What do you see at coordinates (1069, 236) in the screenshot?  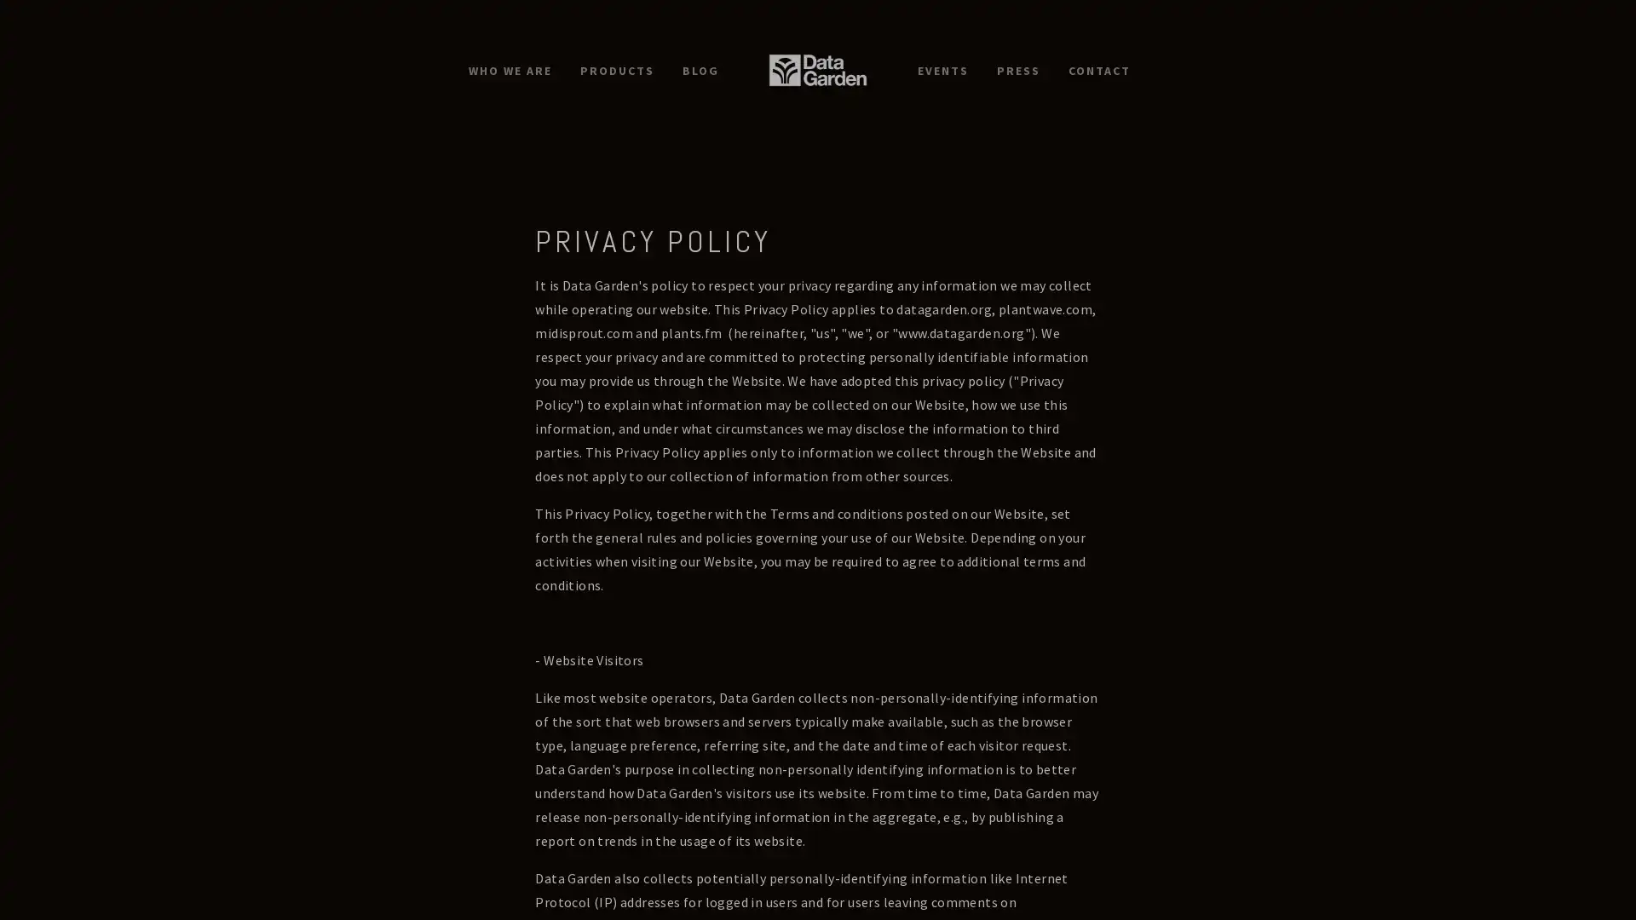 I see `Close` at bounding box center [1069, 236].